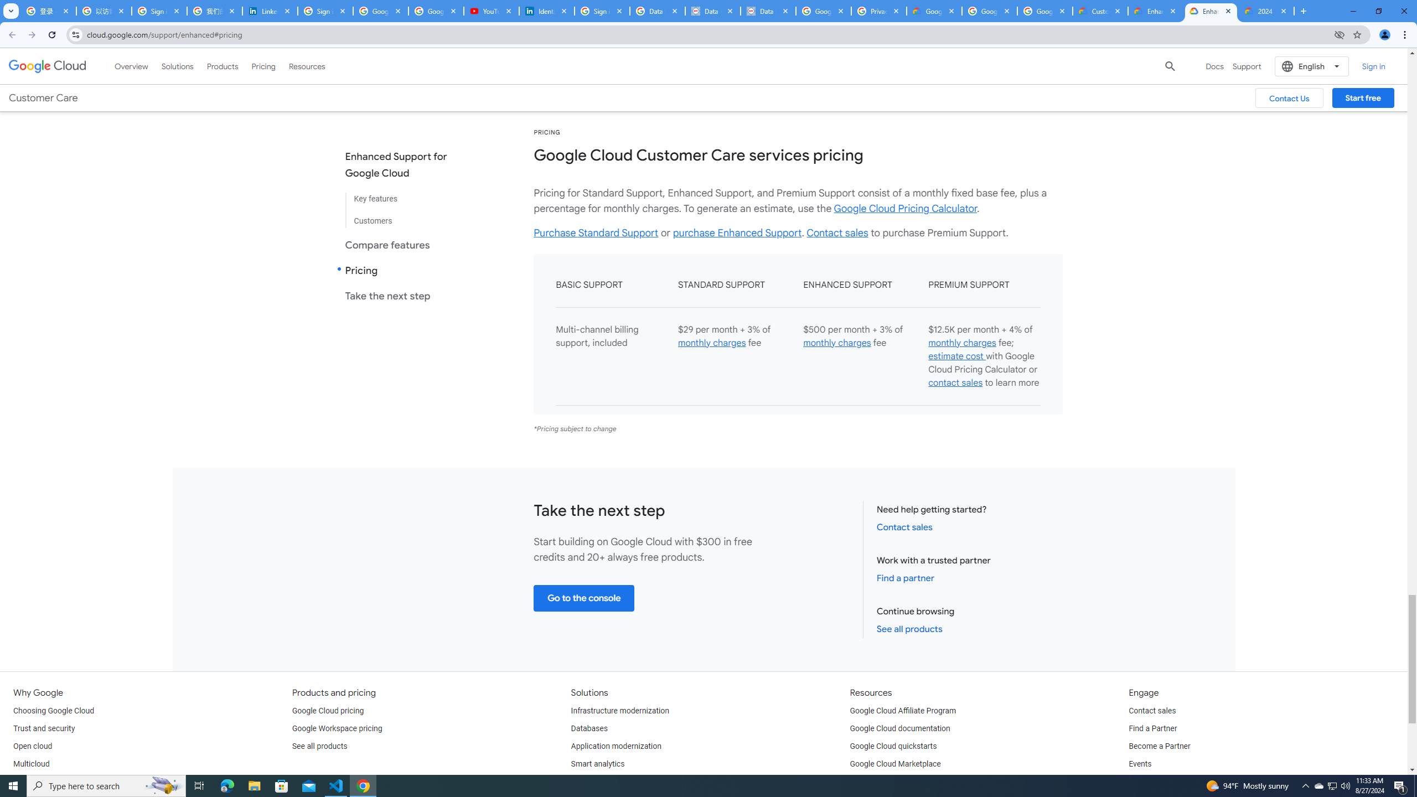 The height and width of the screenshot is (797, 1417). What do you see at coordinates (263, 65) in the screenshot?
I see `'Pricing'` at bounding box center [263, 65].